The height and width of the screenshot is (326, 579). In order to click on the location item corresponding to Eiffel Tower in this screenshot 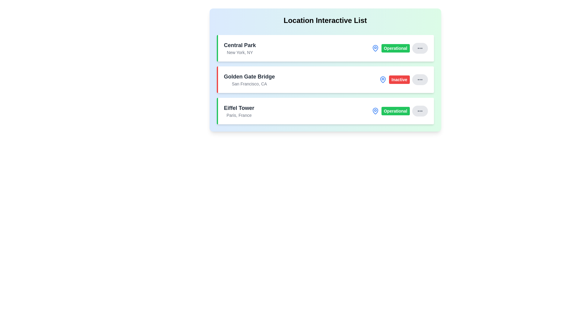, I will do `click(325, 111)`.